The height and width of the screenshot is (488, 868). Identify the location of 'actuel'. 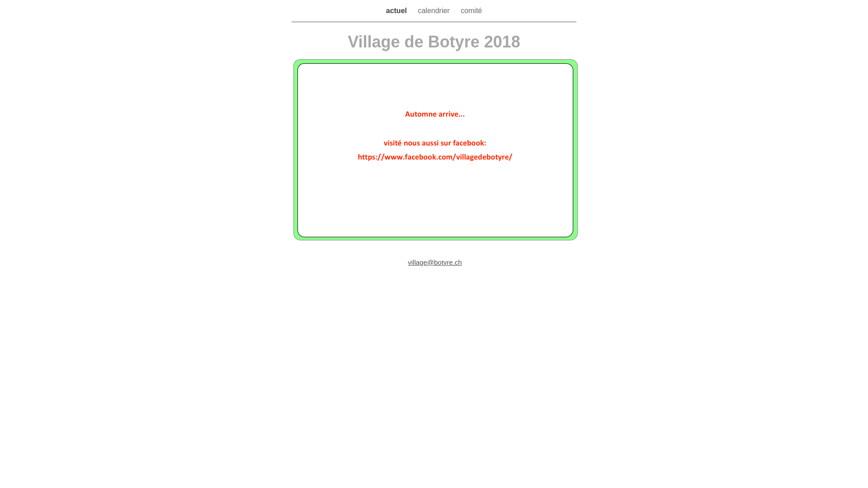
(397, 10).